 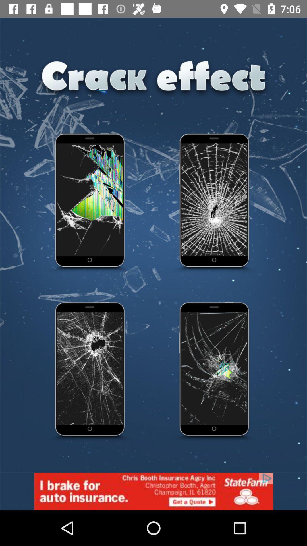 What do you see at coordinates (90, 372) in the screenshot?
I see `select effect` at bounding box center [90, 372].